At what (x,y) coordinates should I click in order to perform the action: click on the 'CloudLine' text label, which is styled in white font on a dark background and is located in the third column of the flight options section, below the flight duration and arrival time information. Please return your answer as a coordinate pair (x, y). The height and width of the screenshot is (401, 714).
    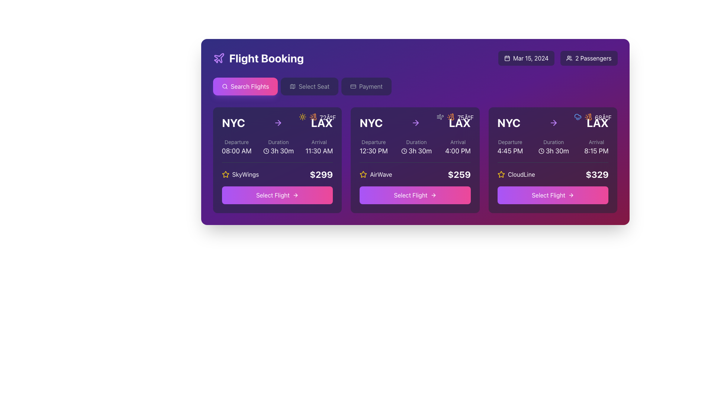
    Looking at the image, I should click on (521, 175).